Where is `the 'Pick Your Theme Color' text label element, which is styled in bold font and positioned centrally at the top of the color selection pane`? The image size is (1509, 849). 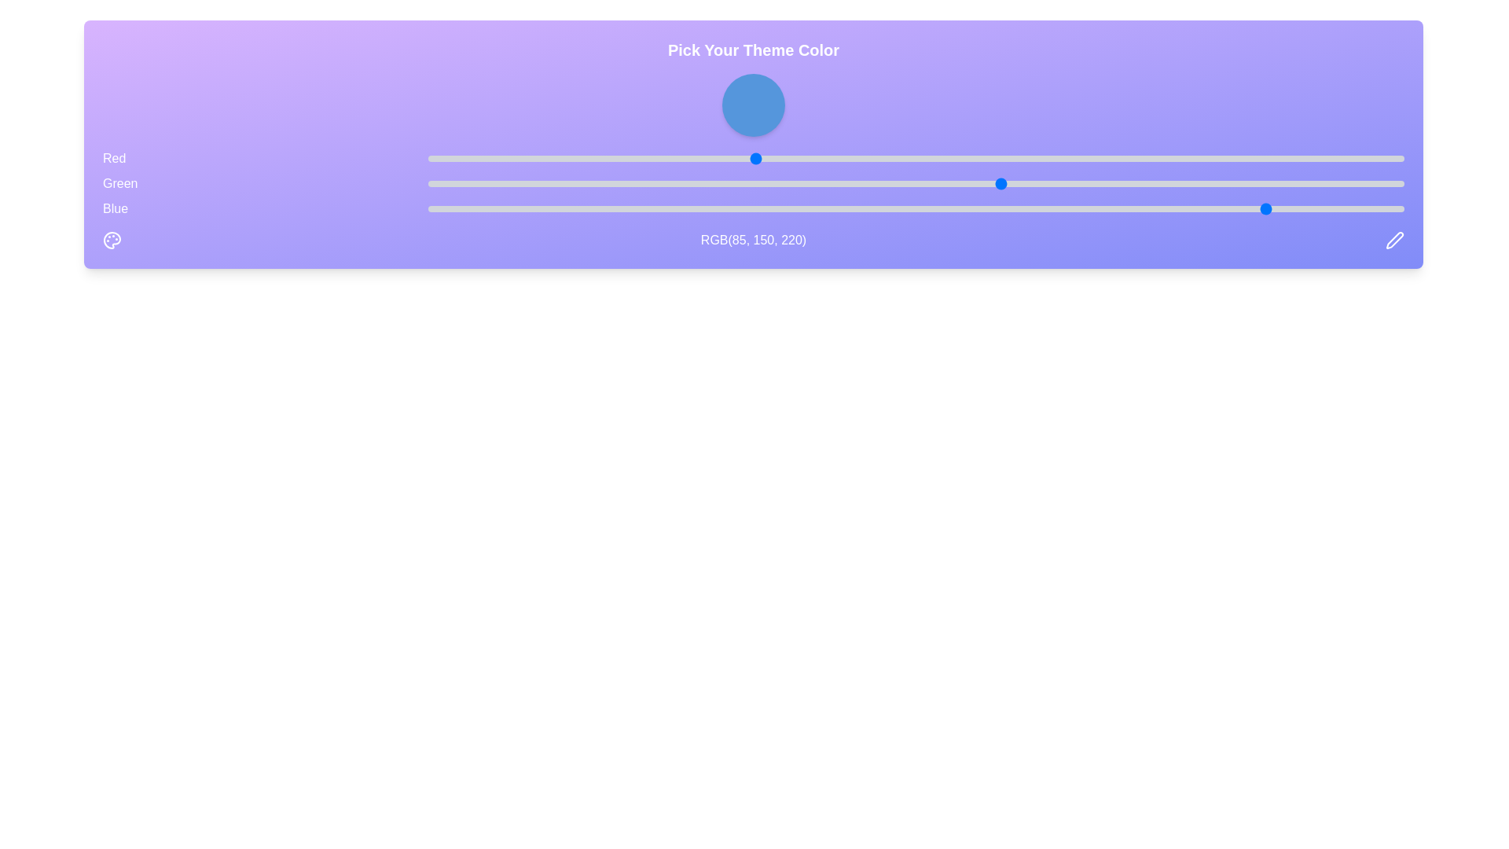 the 'Pick Your Theme Color' text label element, which is styled in bold font and positioned centrally at the top of the color selection pane is located at coordinates (753, 50).